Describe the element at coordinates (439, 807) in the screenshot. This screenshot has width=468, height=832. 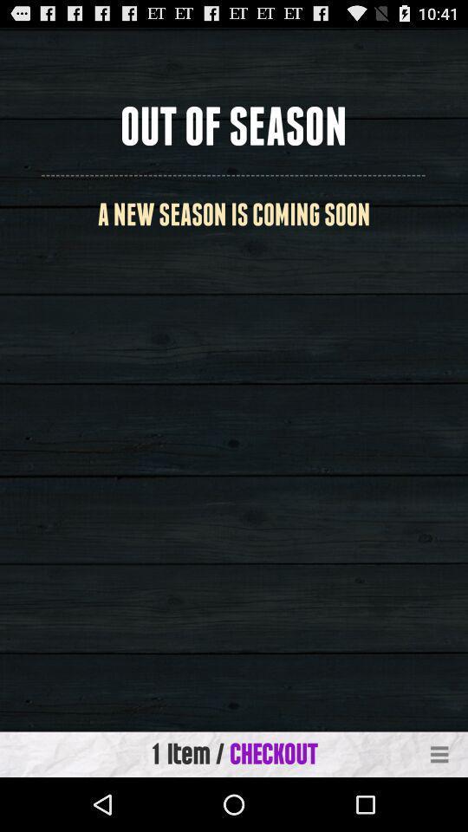
I see `the menu icon` at that location.